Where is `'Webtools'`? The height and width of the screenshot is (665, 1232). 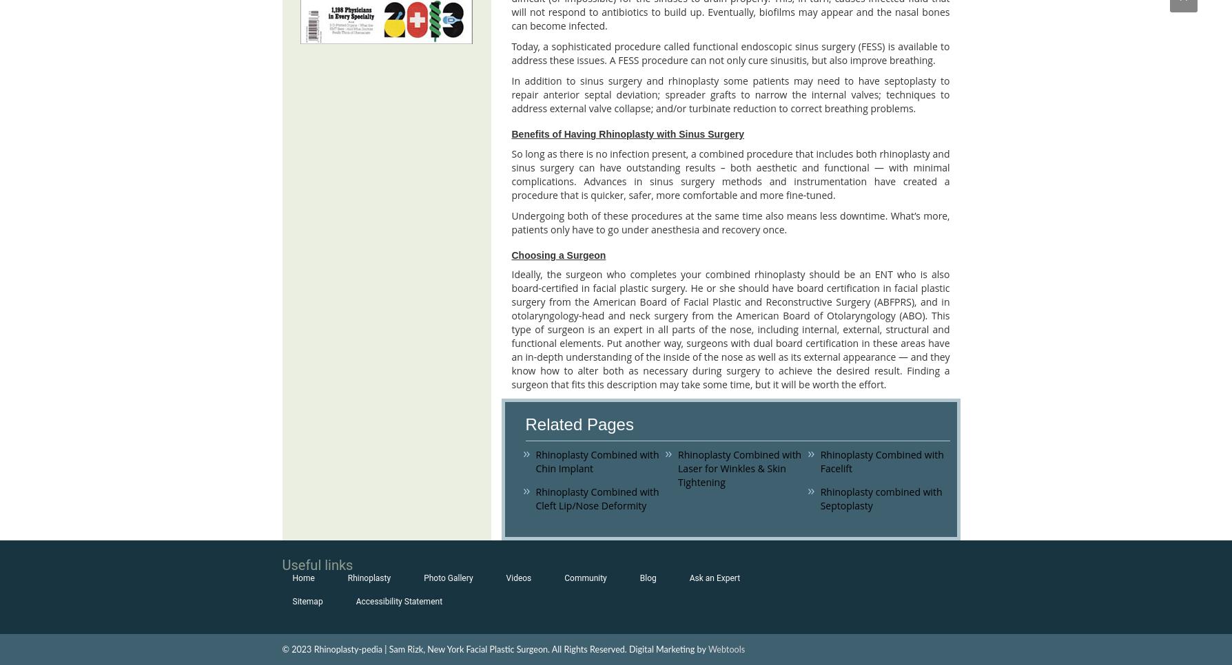
'Webtools' is located at coordinates (726, 649).